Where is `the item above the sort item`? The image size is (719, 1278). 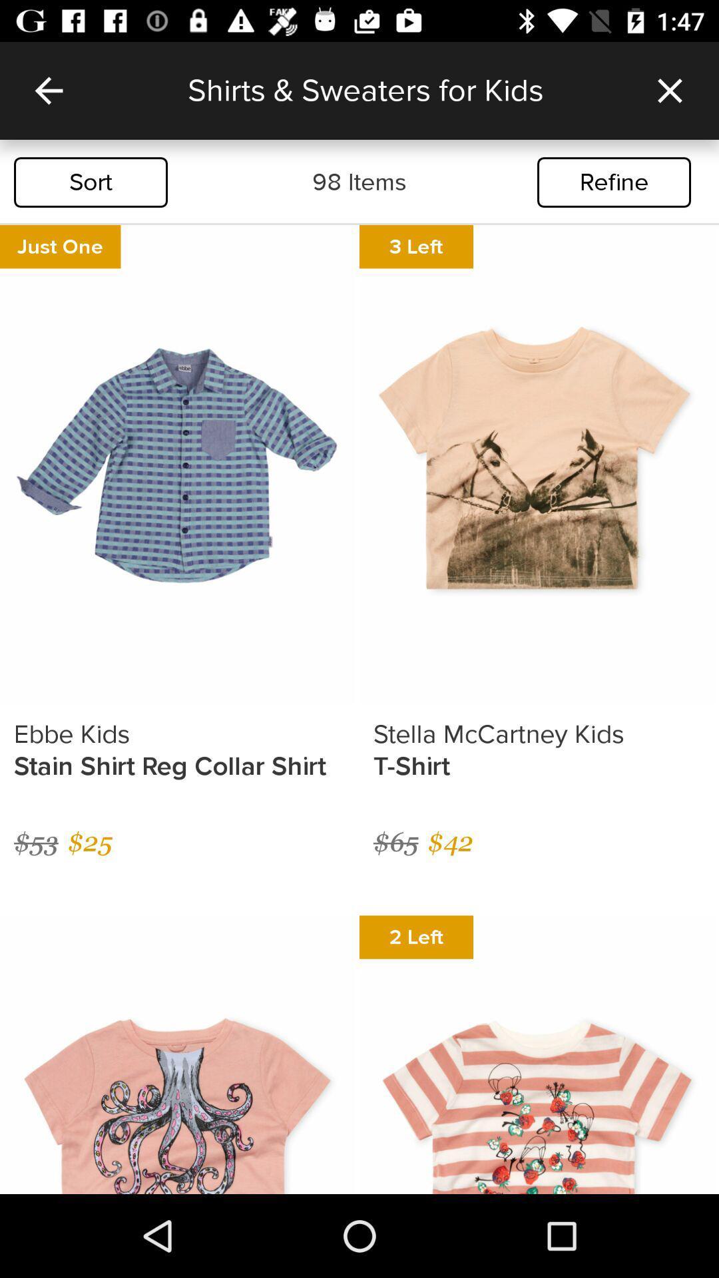
the item above the sort item is located at coordinates (48, 90).